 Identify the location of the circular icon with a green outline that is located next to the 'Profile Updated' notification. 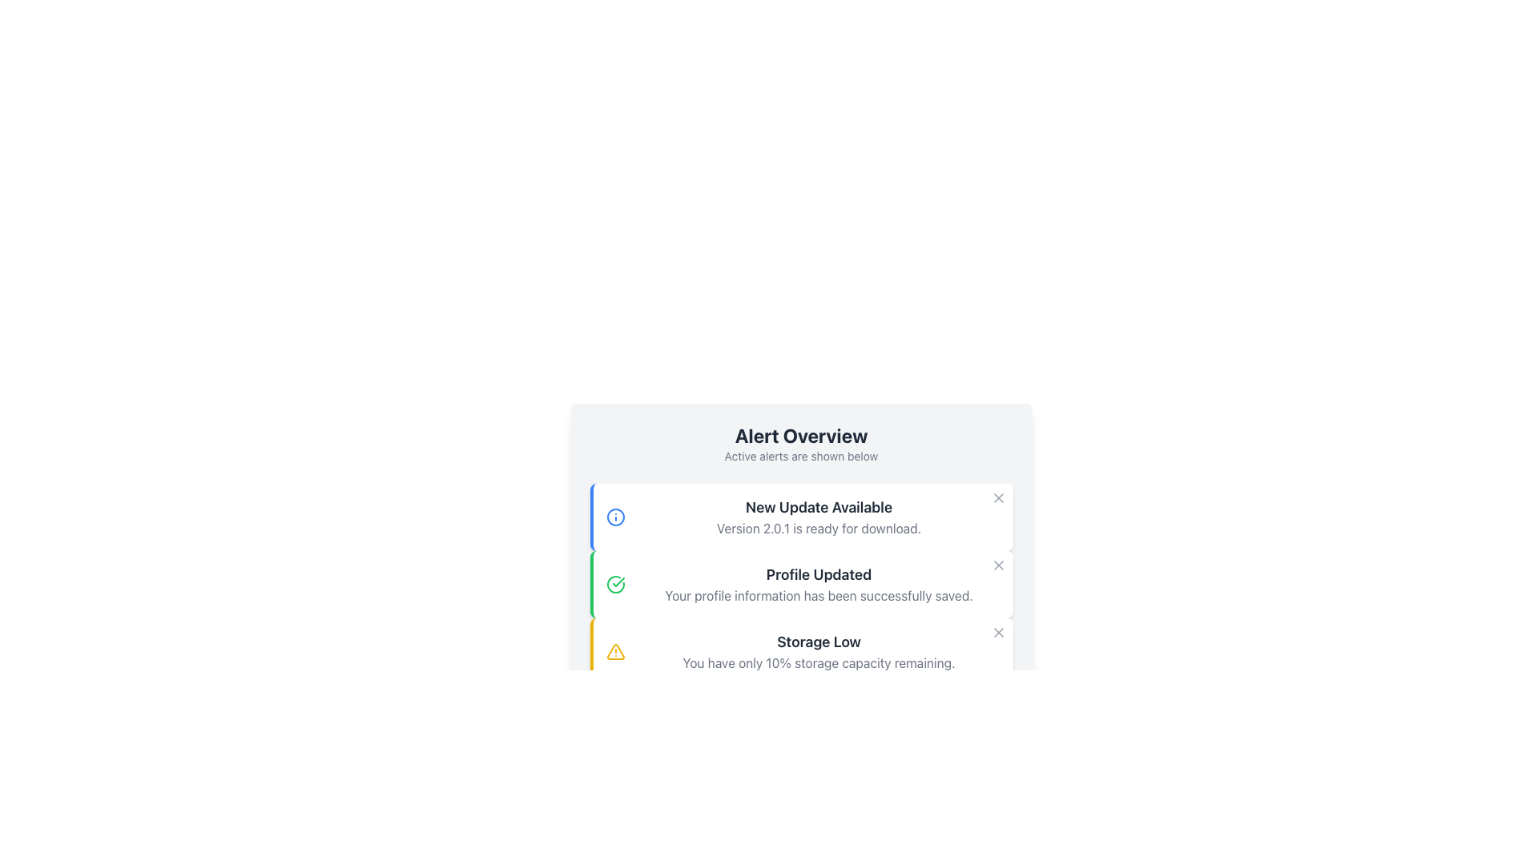
(614, 584).